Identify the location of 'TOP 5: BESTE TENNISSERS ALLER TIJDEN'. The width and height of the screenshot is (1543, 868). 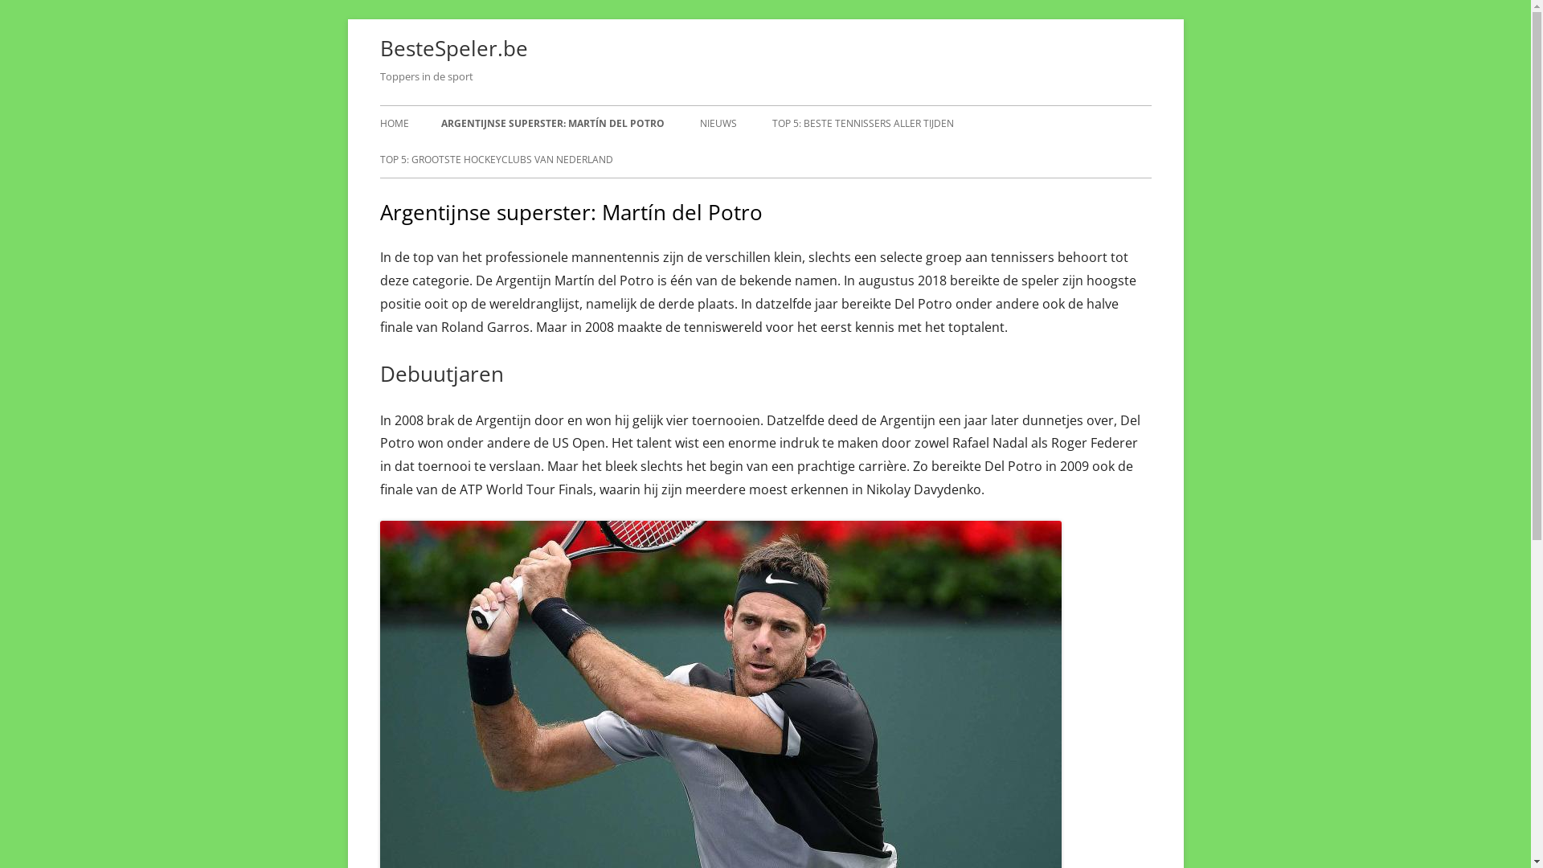
(862, 123).